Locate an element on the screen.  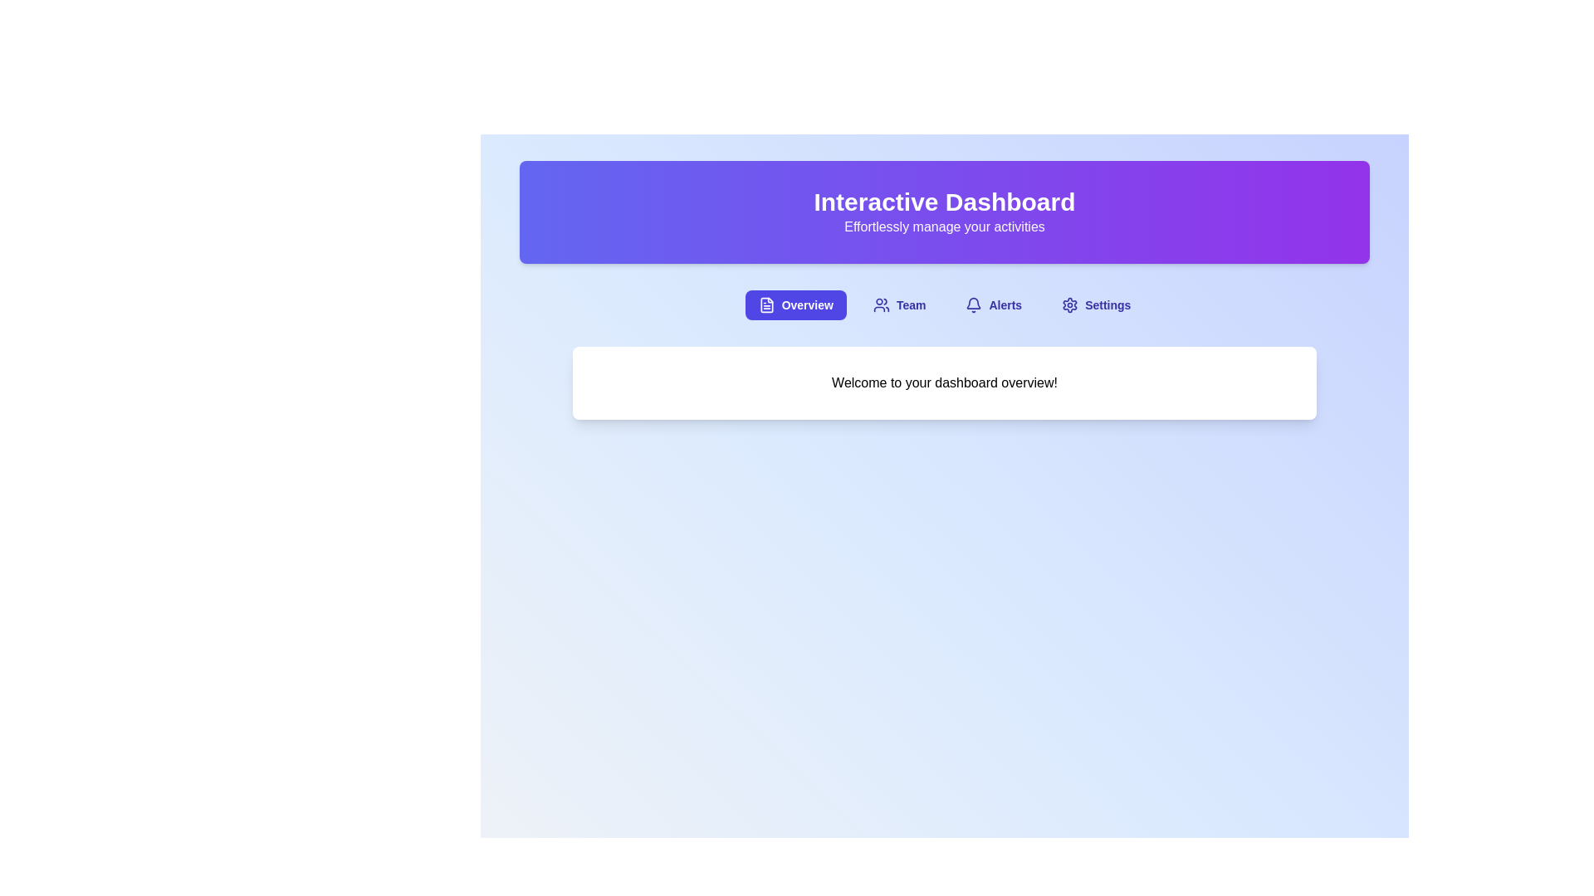
the subtitle text element located directly below the 'Interactive Dashboard' title in the header section with a gradient background is located at coordinates (944, 226).